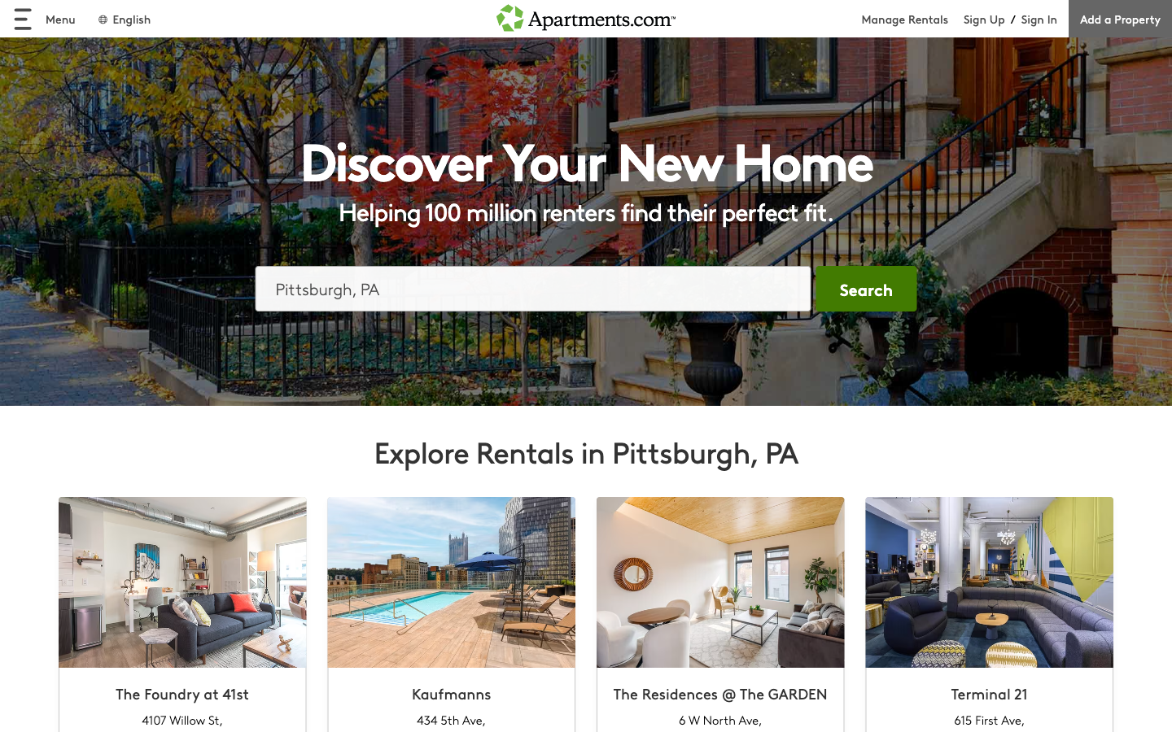 The height and width of the screenshot is (732, 1172). Describe the element at coordinates (912, 18) in the screenshot. I see `rental management section` at that location.